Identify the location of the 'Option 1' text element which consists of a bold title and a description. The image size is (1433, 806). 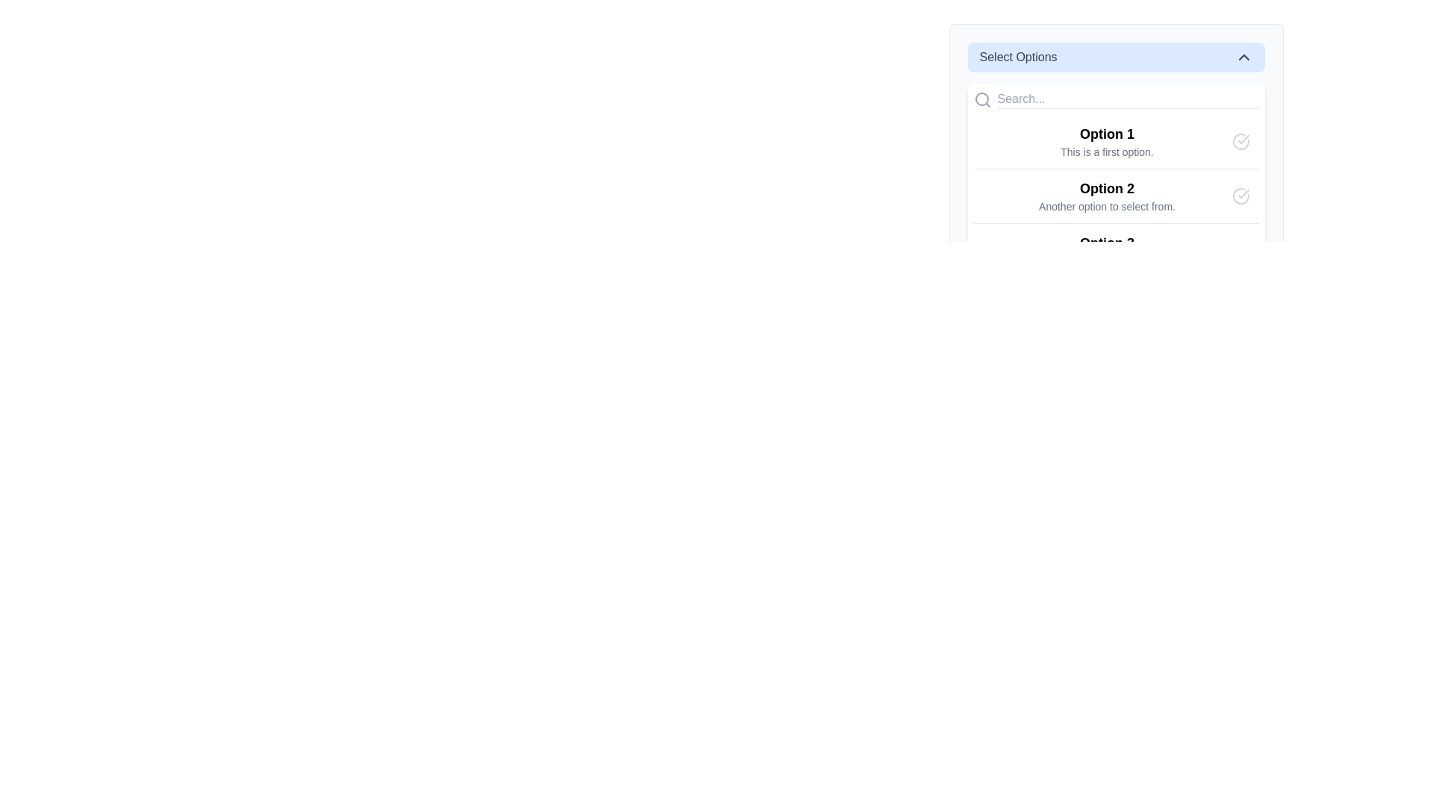
(1107, 141).